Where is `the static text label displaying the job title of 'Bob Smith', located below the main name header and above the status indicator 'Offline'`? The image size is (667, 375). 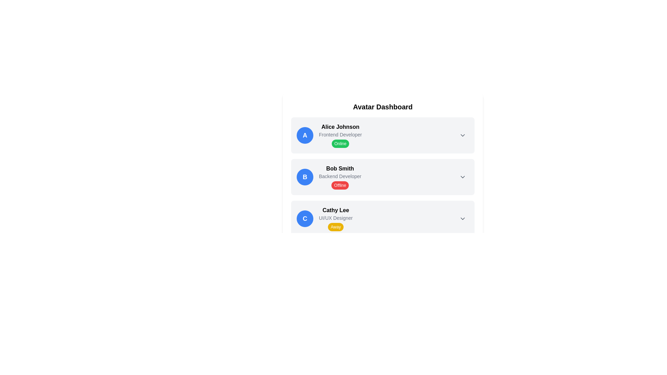 the static text label displaying the job title of 'Bob Smith', located below the main name header and above the status indicator 'Offline' is located at coordinates (340, 176).